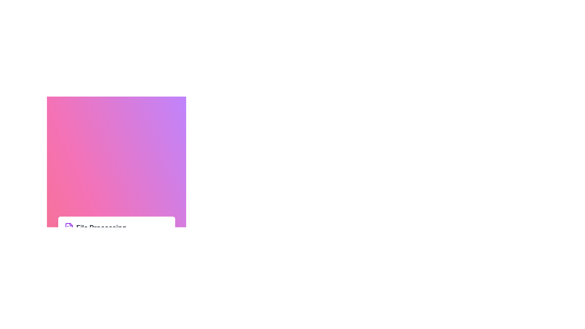  What do you see at coordinates (69, 228) in the screenshot?
I see `the file icon that symbolizes file-related functionality, located to the left of the text 'File Processing'` at bounding box center [69, 228].